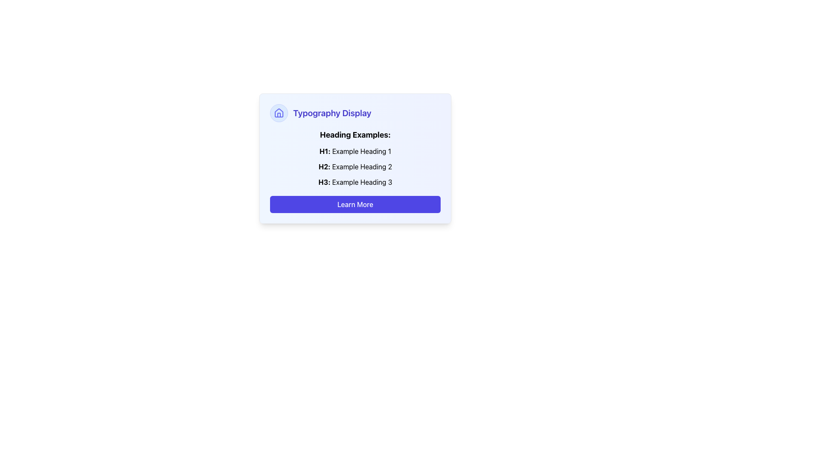  I want to click on the bold text element reading 'H2:' that is part of the heading in the typography display panel, positioned immediately before 'Example Heading 2', so click(324, 167).